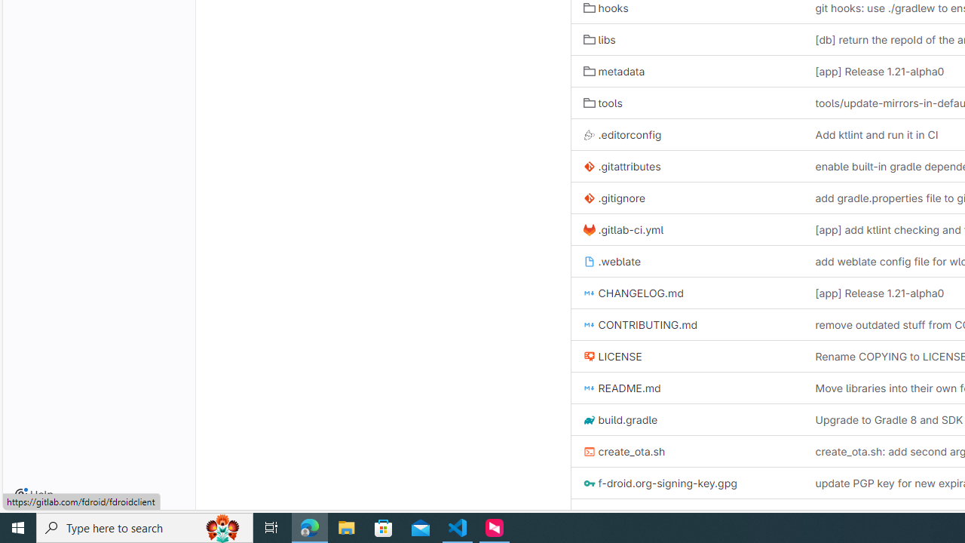 The height and width of the screenshot is (543, 965). Describe the element at coordinates (612, 357) in the screenshot. I see `'LICENSE'` at that location.